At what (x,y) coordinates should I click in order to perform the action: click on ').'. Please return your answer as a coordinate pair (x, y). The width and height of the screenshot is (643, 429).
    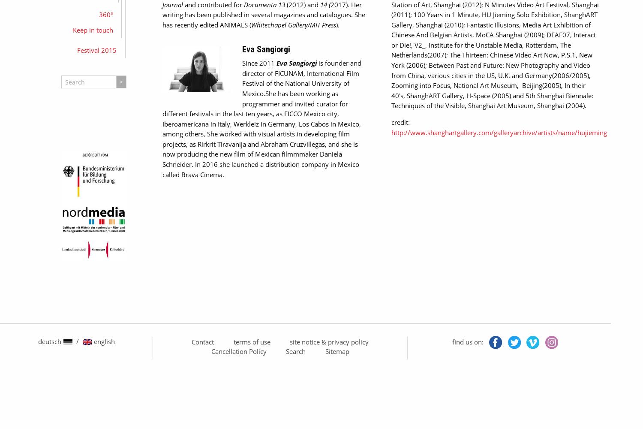
    Looking at the image, I should click on (337, 24).